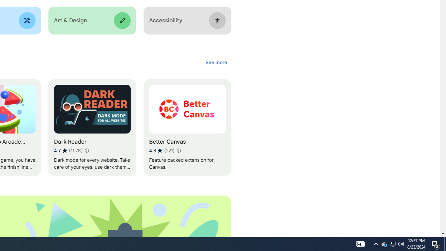  Describe the element at coordinates (92, 128) in the screenshot. I see `'Dark Reader'` at that location.